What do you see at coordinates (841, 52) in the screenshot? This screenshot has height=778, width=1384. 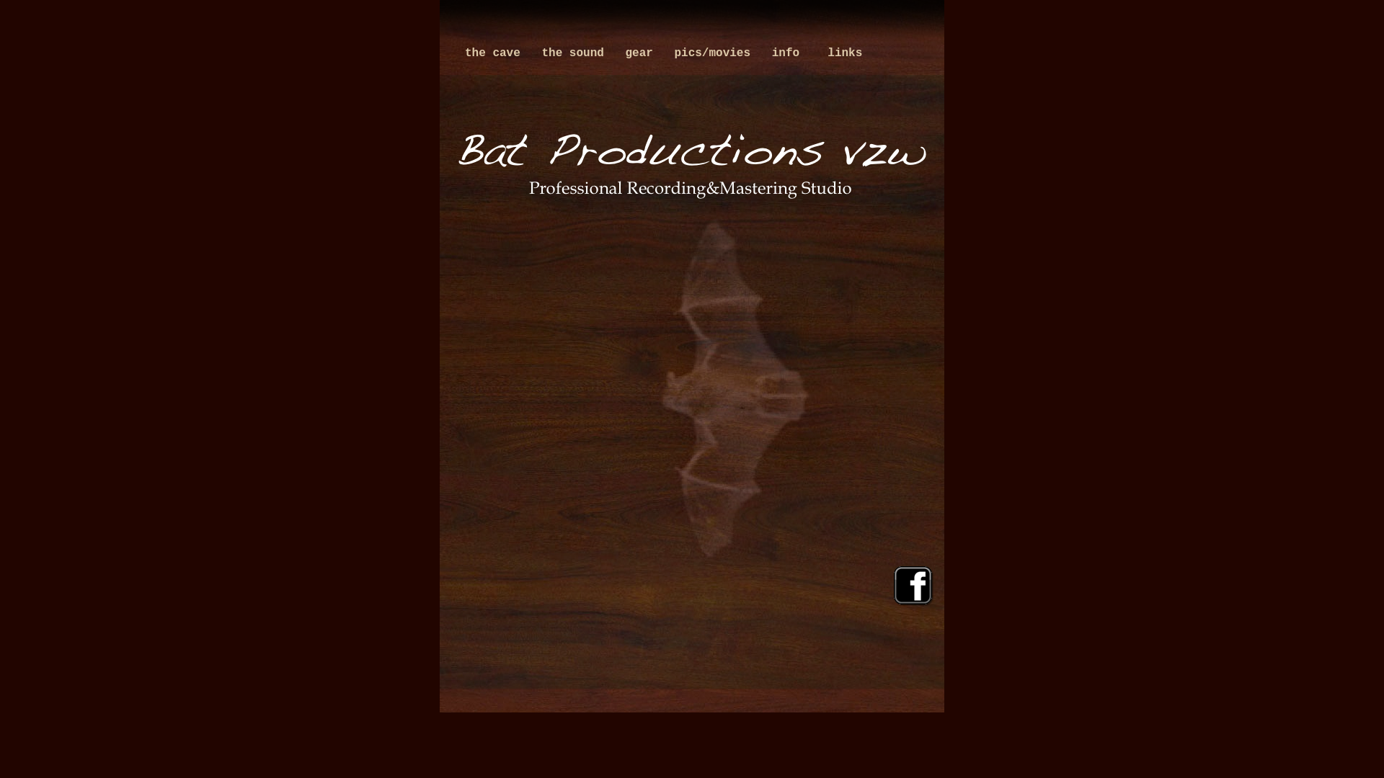 I see `' links'` at bounding box center [841, 52].